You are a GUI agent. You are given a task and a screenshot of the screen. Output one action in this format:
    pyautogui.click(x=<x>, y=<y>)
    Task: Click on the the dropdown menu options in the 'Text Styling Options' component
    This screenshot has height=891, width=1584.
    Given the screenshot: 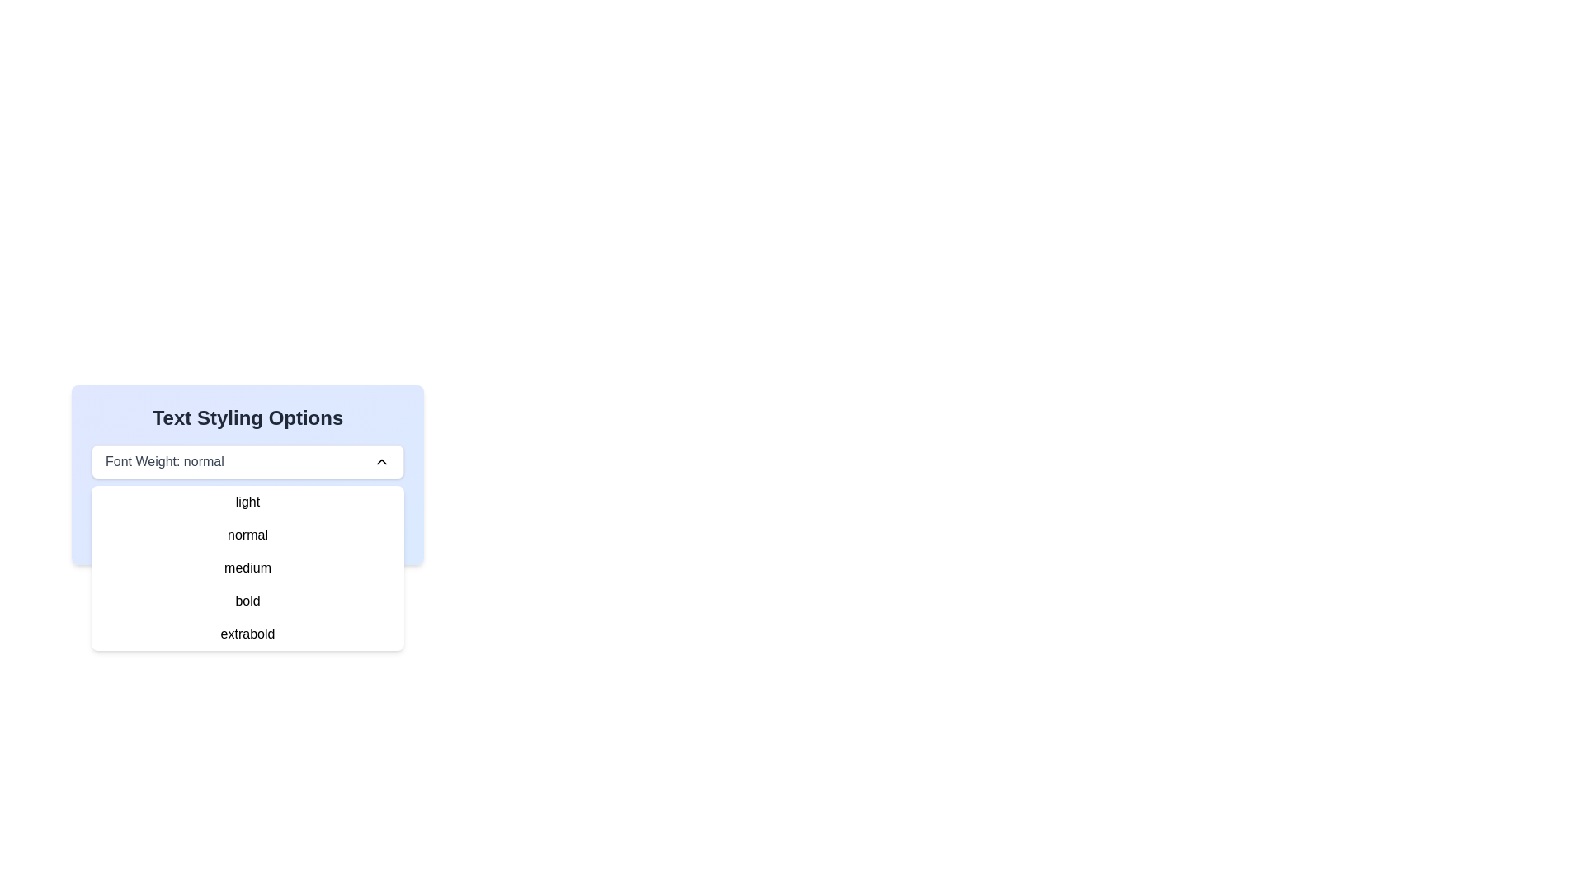 What is the action you would take?
    pyautogui.click(x=247, y=474)
    